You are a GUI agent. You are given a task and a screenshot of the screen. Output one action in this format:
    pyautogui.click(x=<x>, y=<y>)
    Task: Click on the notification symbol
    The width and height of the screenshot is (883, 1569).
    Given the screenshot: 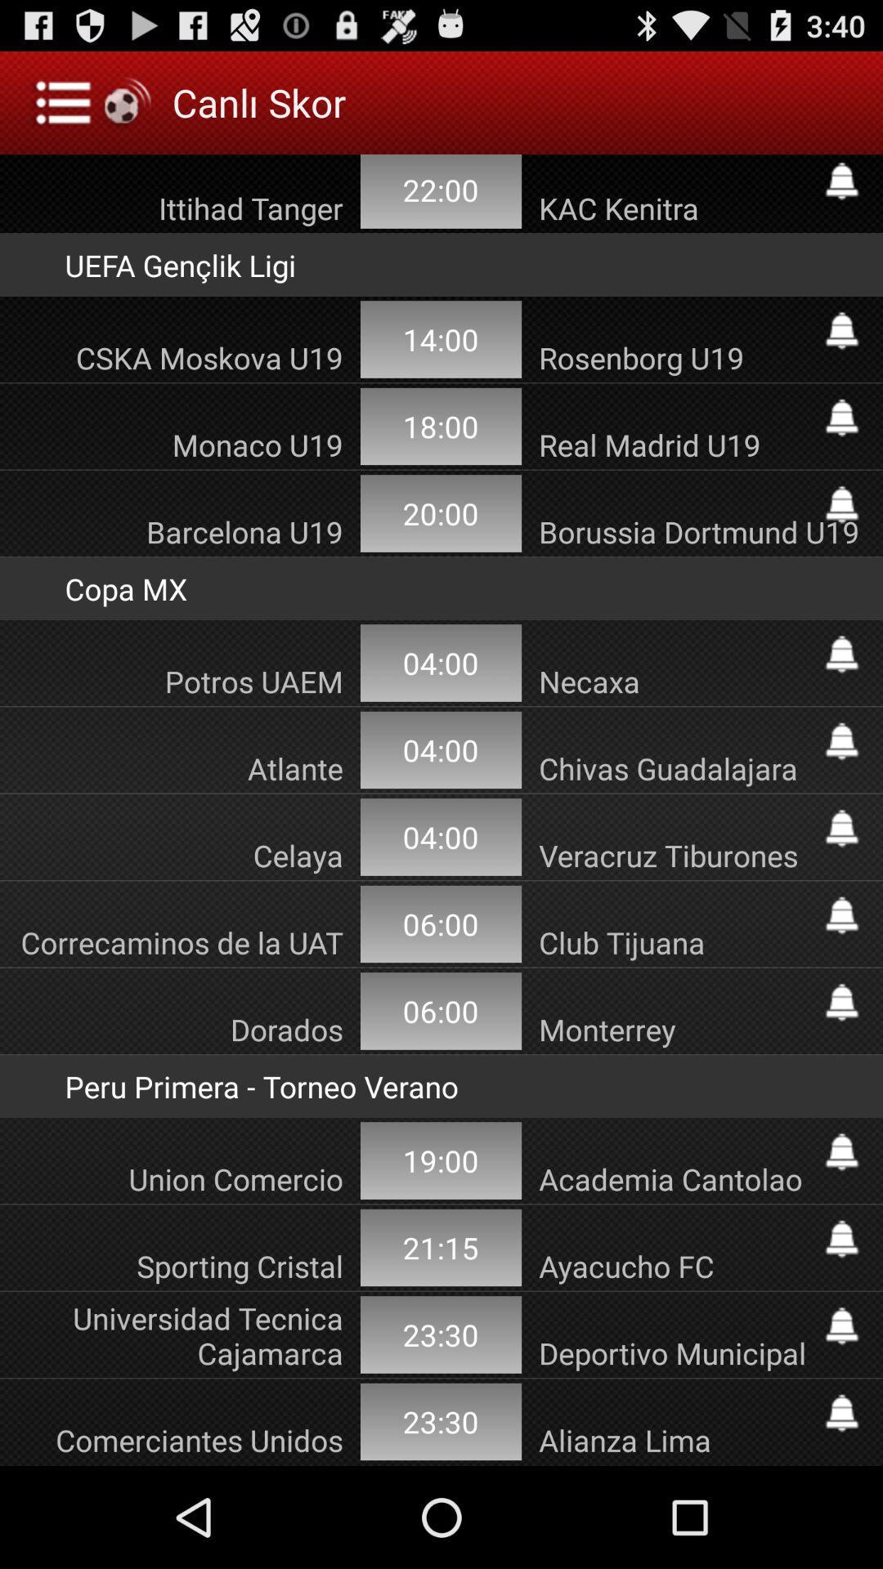 What is the action you would take?
    pyautogui.click(x=841, y=655)
    